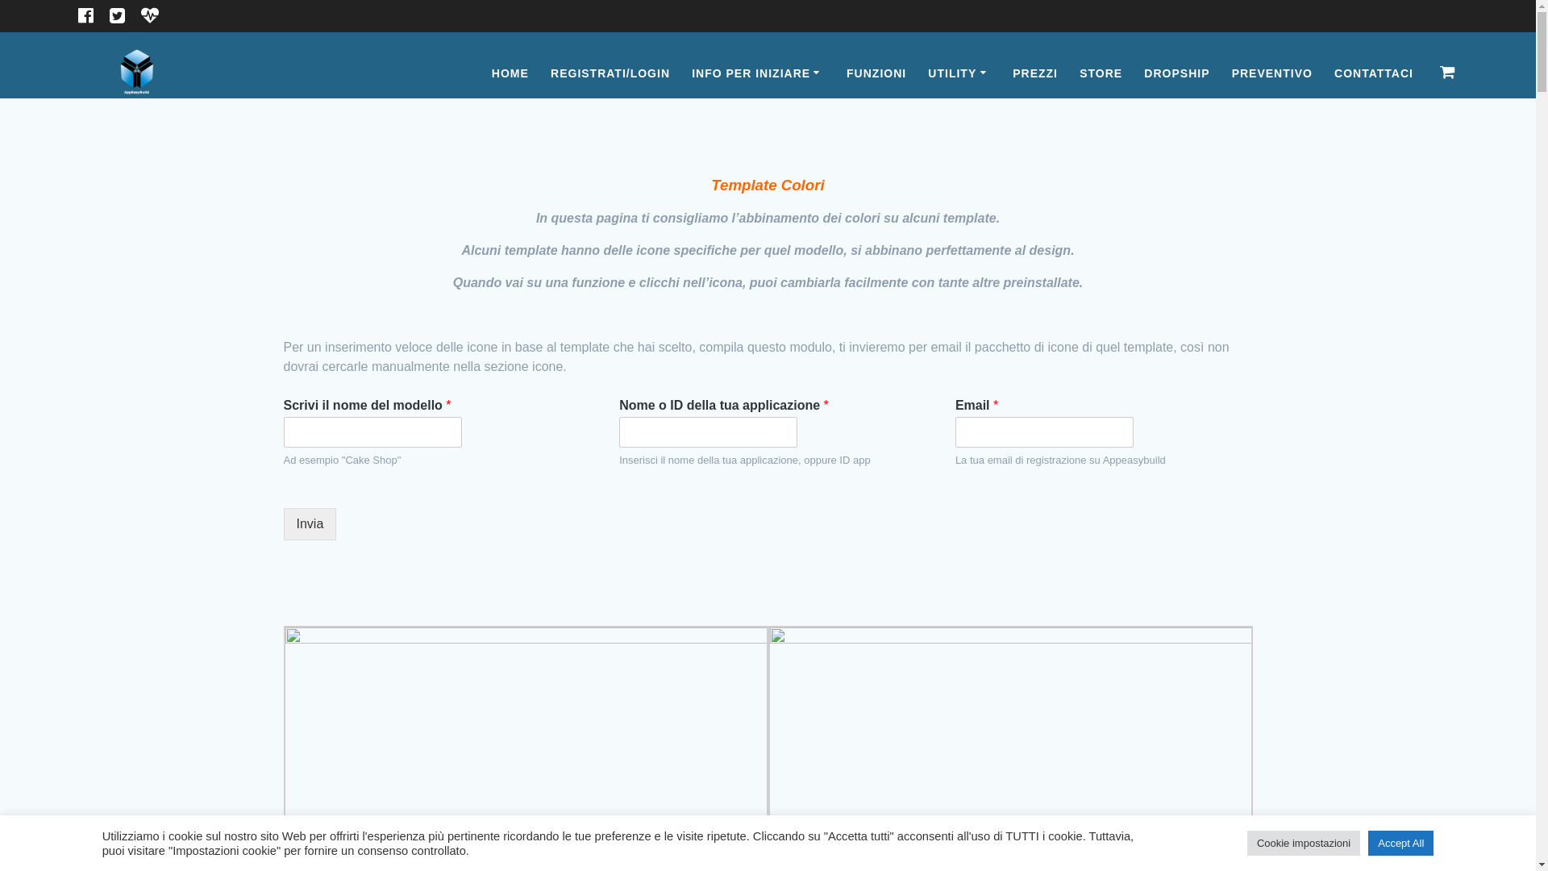 The image size is (1548, 871). I want to click on 'INFO PER INIZIARE', so click(757, 73).